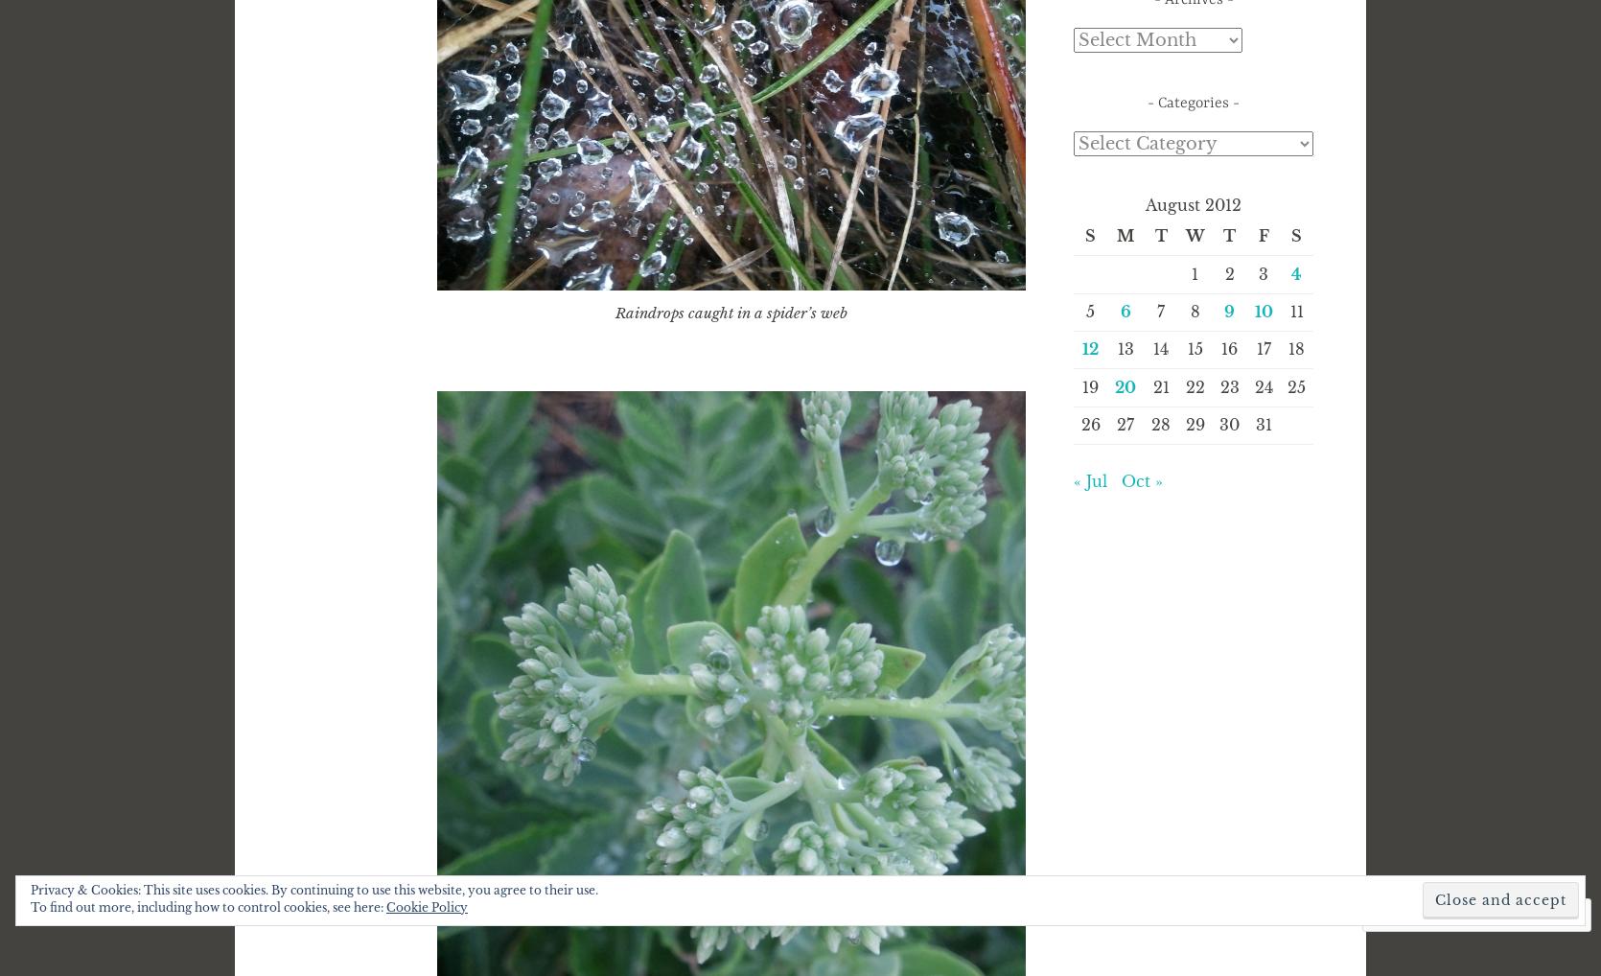 This screenshot has width=1601, height=976. What do you see at coordinates (1160, 349) in the screenshot?
I see `'14'` at bounding box center [1160, 349].